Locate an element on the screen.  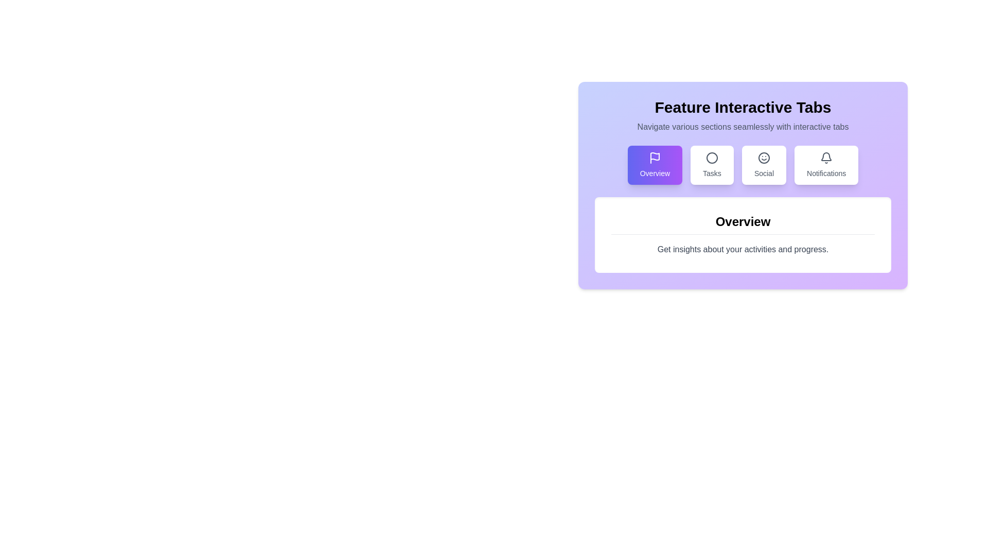
the stylized flag icon located at the top center of the 'Overview' interactive tab, which is outlined with a bold stroke and positioned above the text label 'Overview' is located at coordinates (654, 158).